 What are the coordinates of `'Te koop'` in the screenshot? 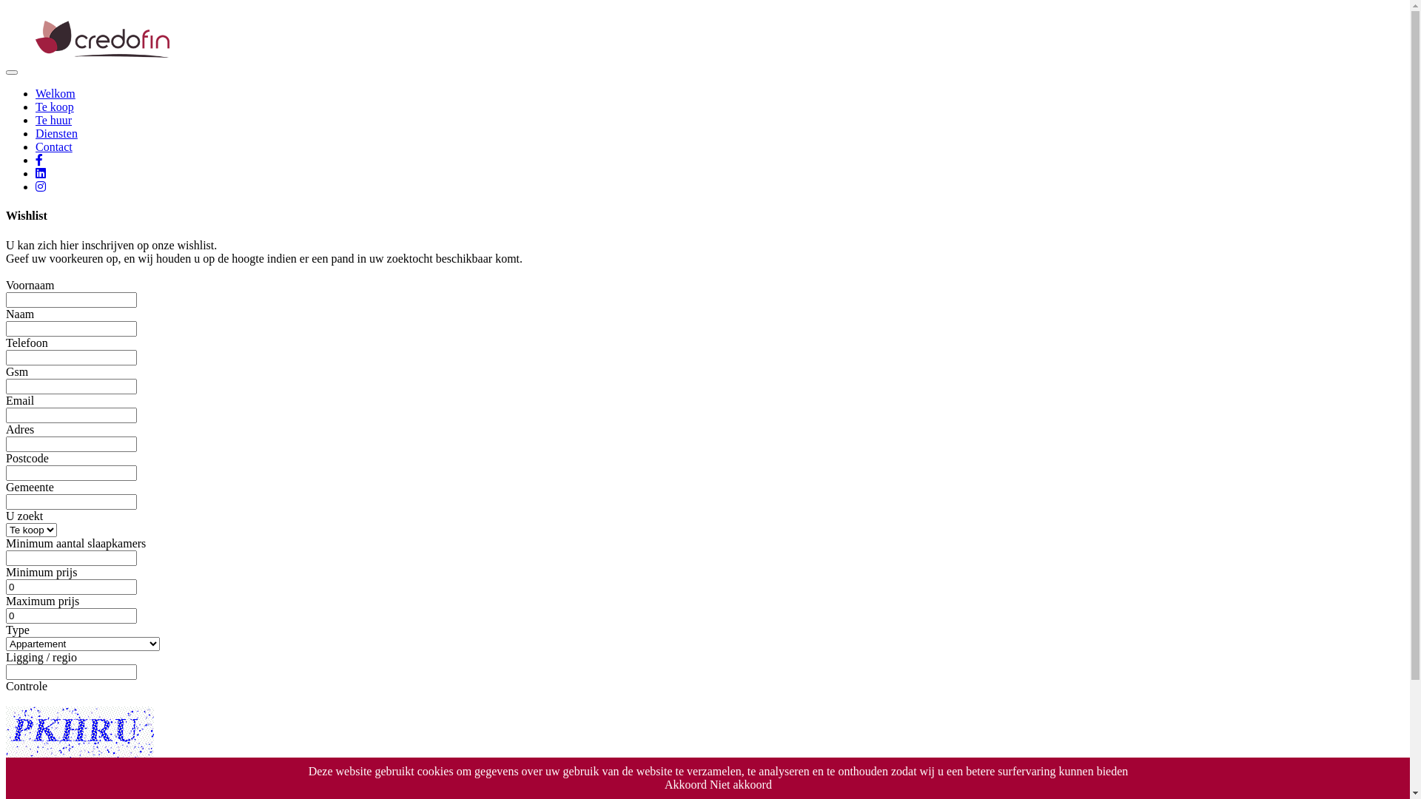 It's located at (54, 106).